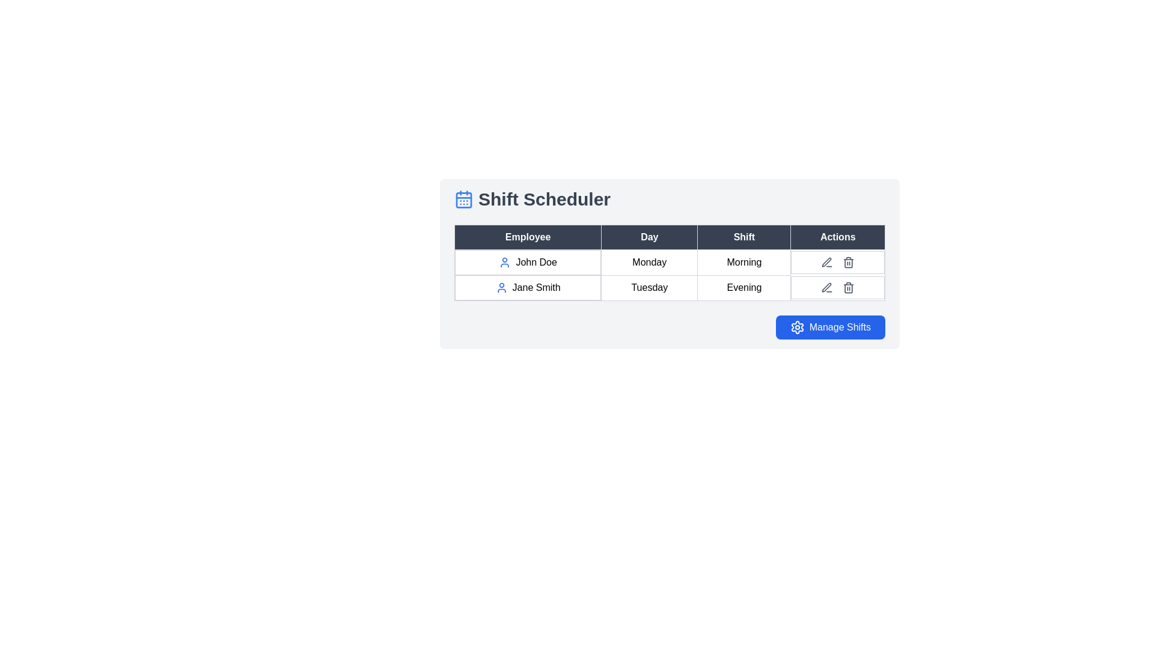 This screenshot has width=1154, height=649. I want to click on the table cell displaying employee shift schedules, which includes names, days, and shift information, so click(669, 275).